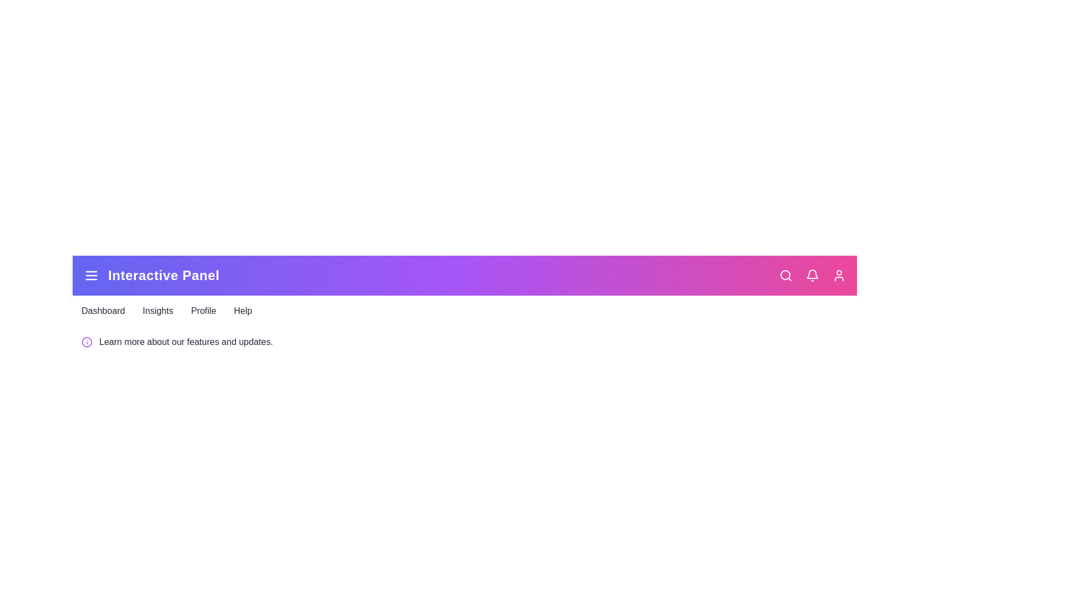 The image size is (1065, 599). Describe the element at coordinates (103, 311) in the screenshot. I see `the navigation link labeled Dashboard` at that location.